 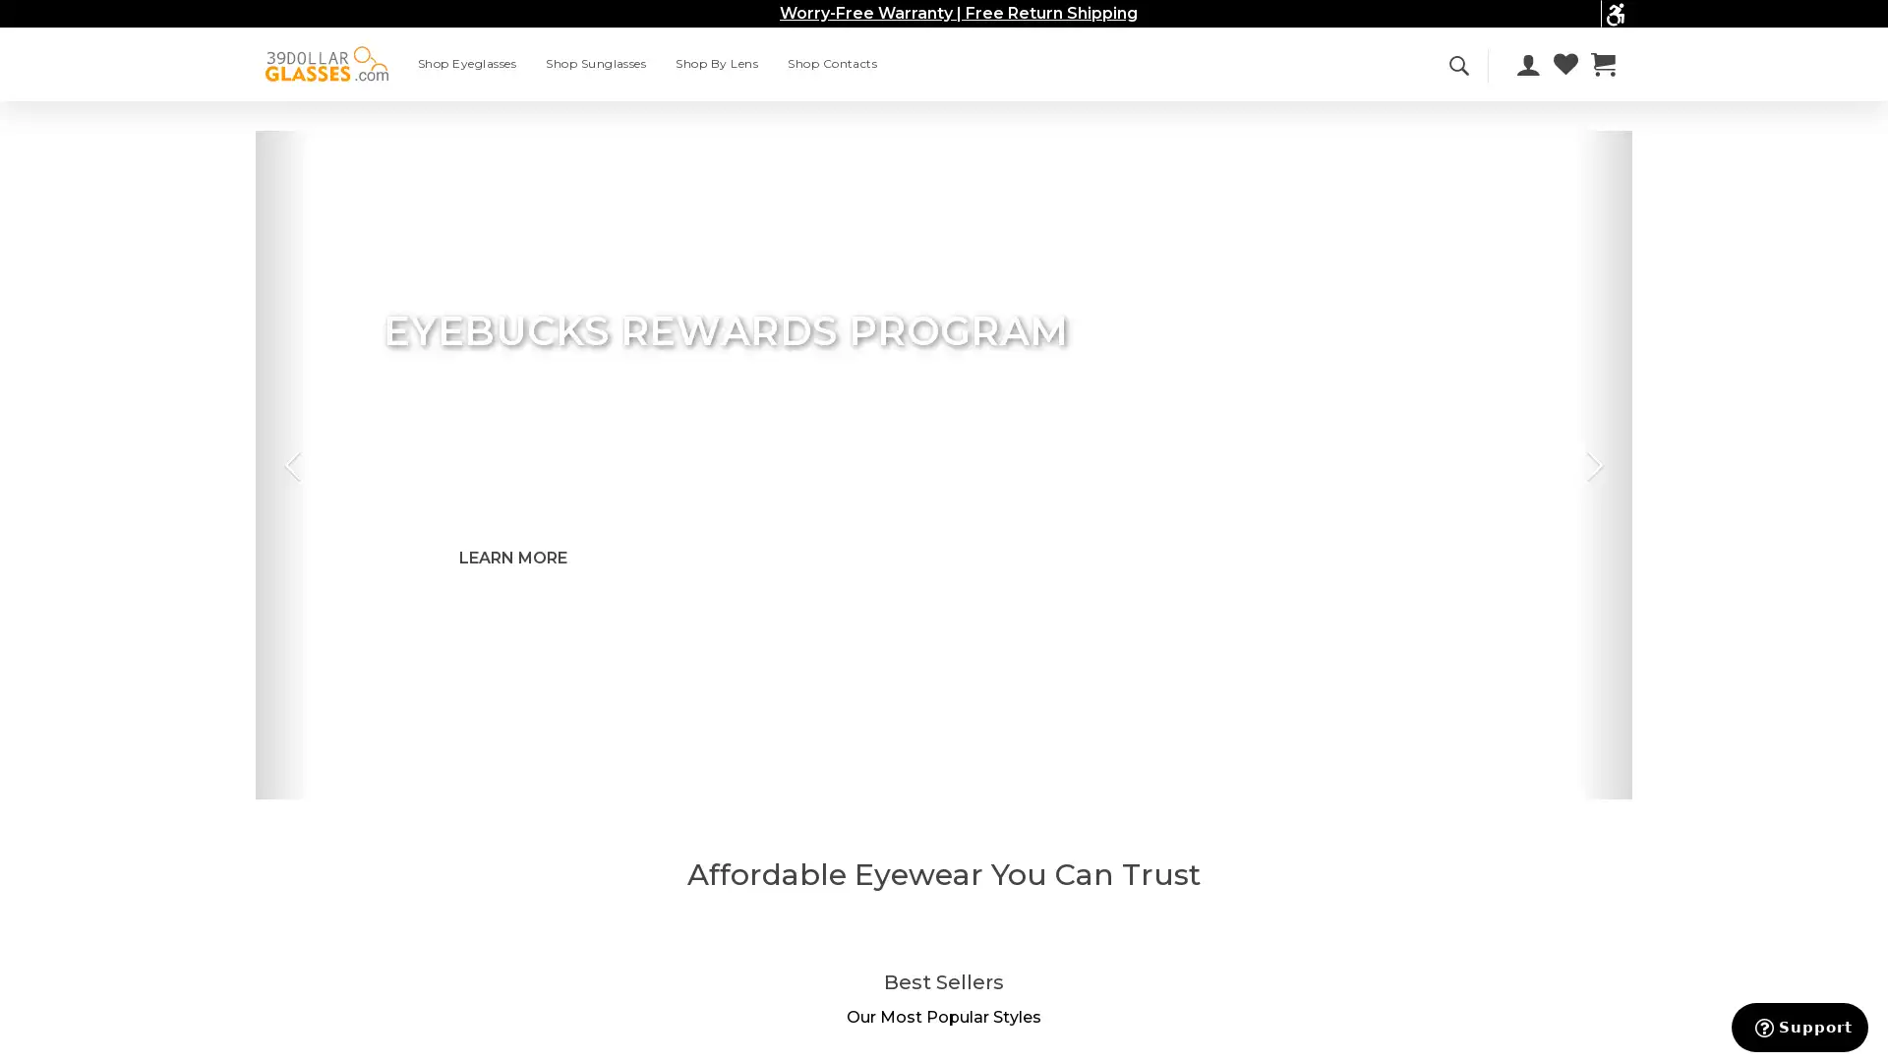 I want to click on Support button, so click(x=1799, y=1027).